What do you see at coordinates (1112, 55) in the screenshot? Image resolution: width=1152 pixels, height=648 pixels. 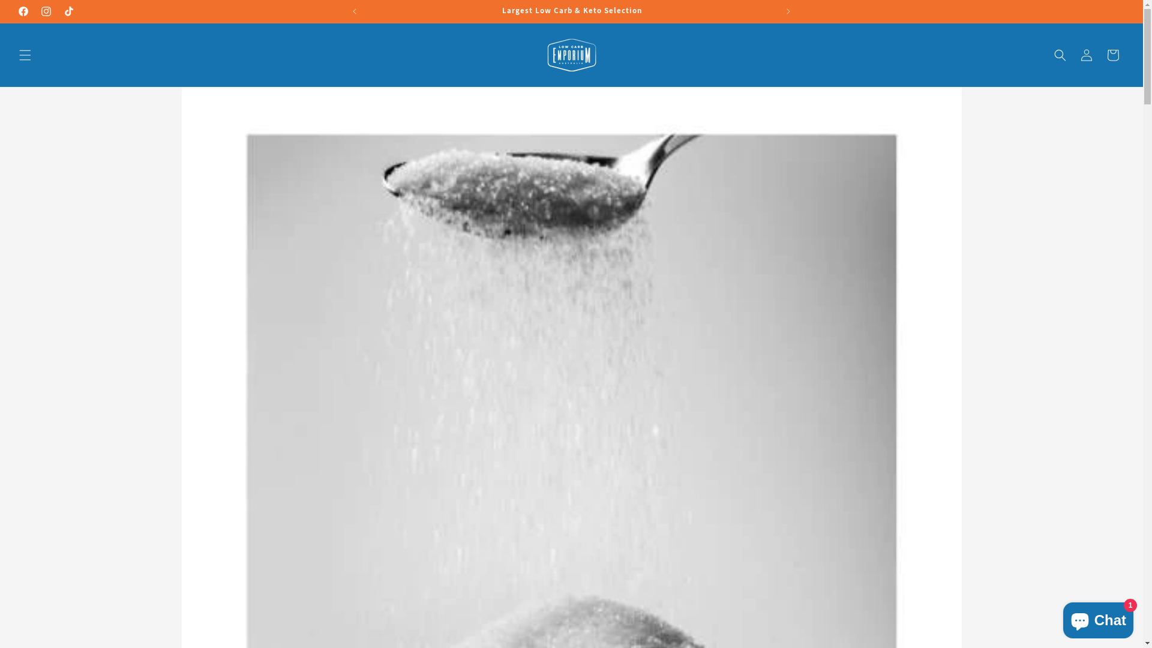 I see `'Cart'` at bounding box center [1112, 55].